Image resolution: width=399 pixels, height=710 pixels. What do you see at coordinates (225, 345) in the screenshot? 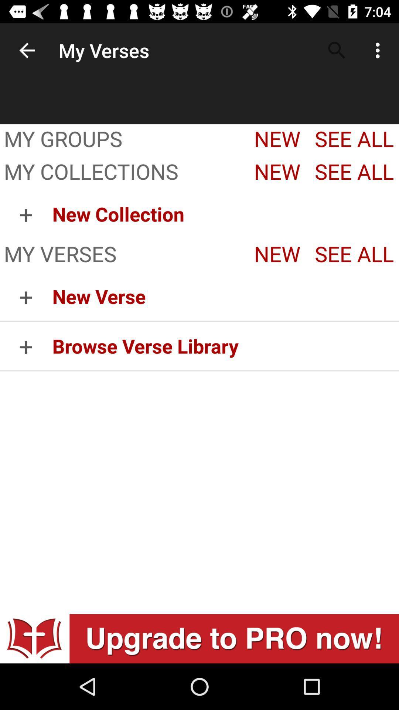
I see `browse verse library icon` at bounding box center [225, 345].